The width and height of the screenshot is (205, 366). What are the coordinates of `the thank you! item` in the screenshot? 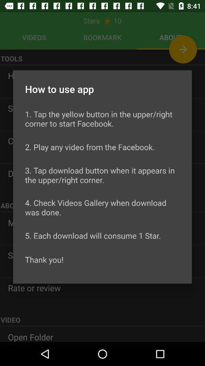 It's located at (44, 260).